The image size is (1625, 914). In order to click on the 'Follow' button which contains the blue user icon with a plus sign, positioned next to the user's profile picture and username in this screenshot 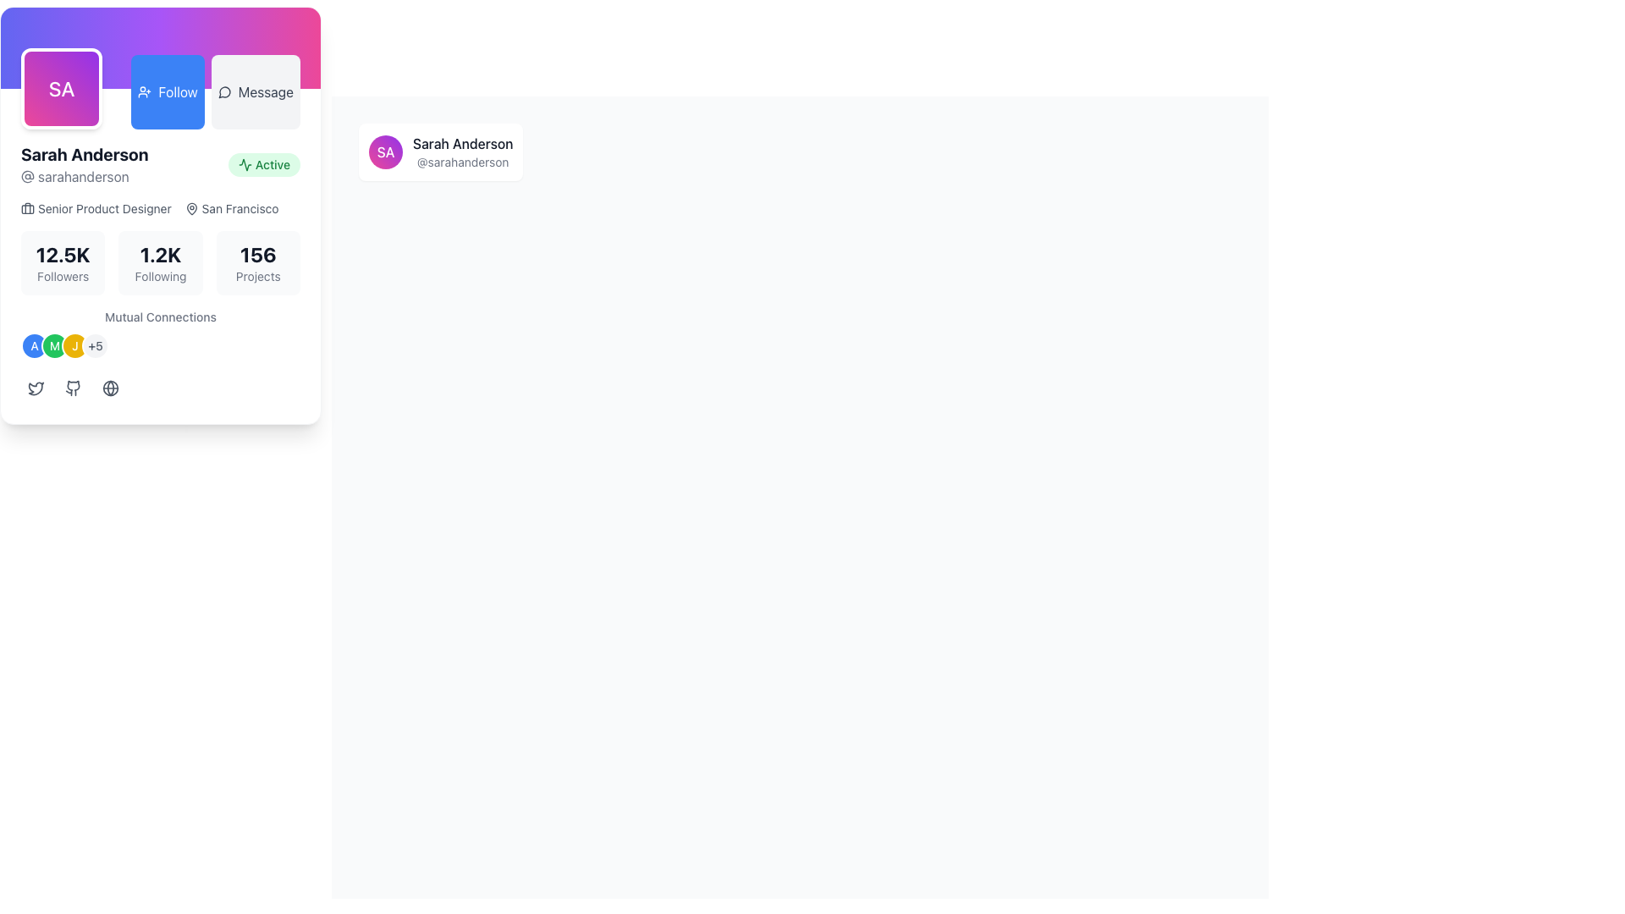, I will do `click(145, 91)`.